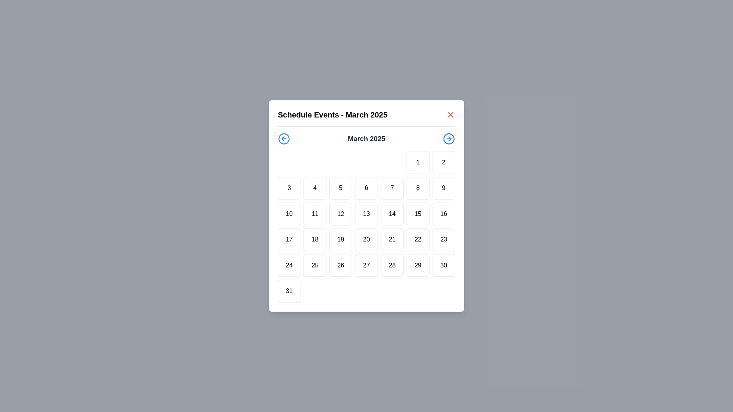 This screenshot has width=733, height=412. Describe the element at coordinates (340, 188) in the screenshot. I see `the button representing the fifth day of the month in the calendar interface` at that location.